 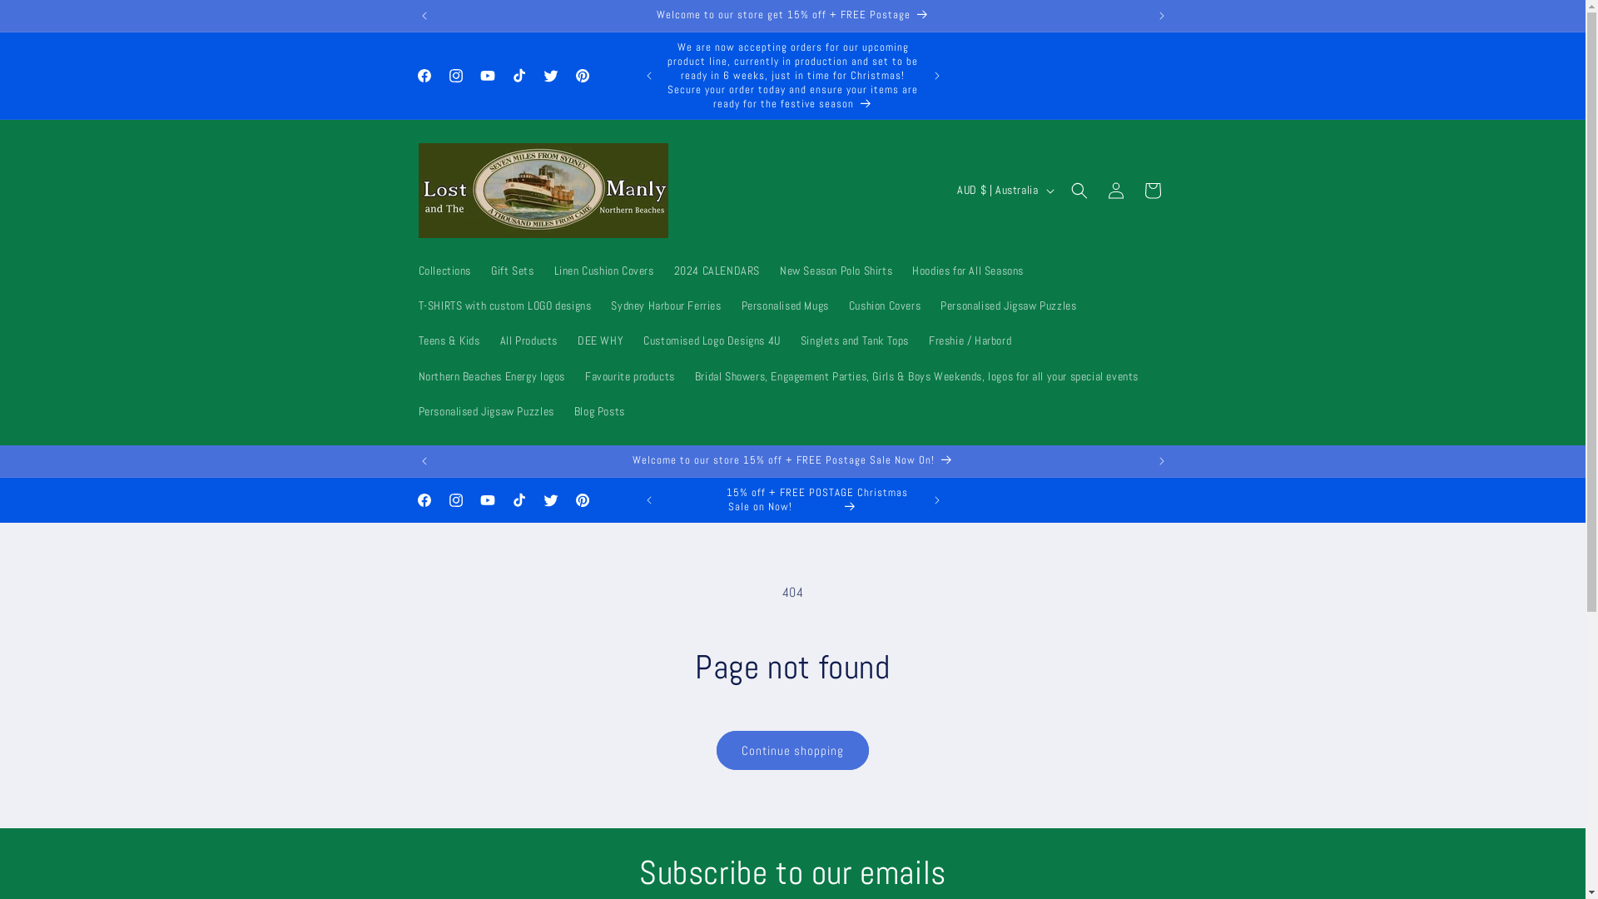 What do you see at coordinates (784, 305) in the screenshot?
I see `'Personalised Mugs'` at bounding box center [784, 305].